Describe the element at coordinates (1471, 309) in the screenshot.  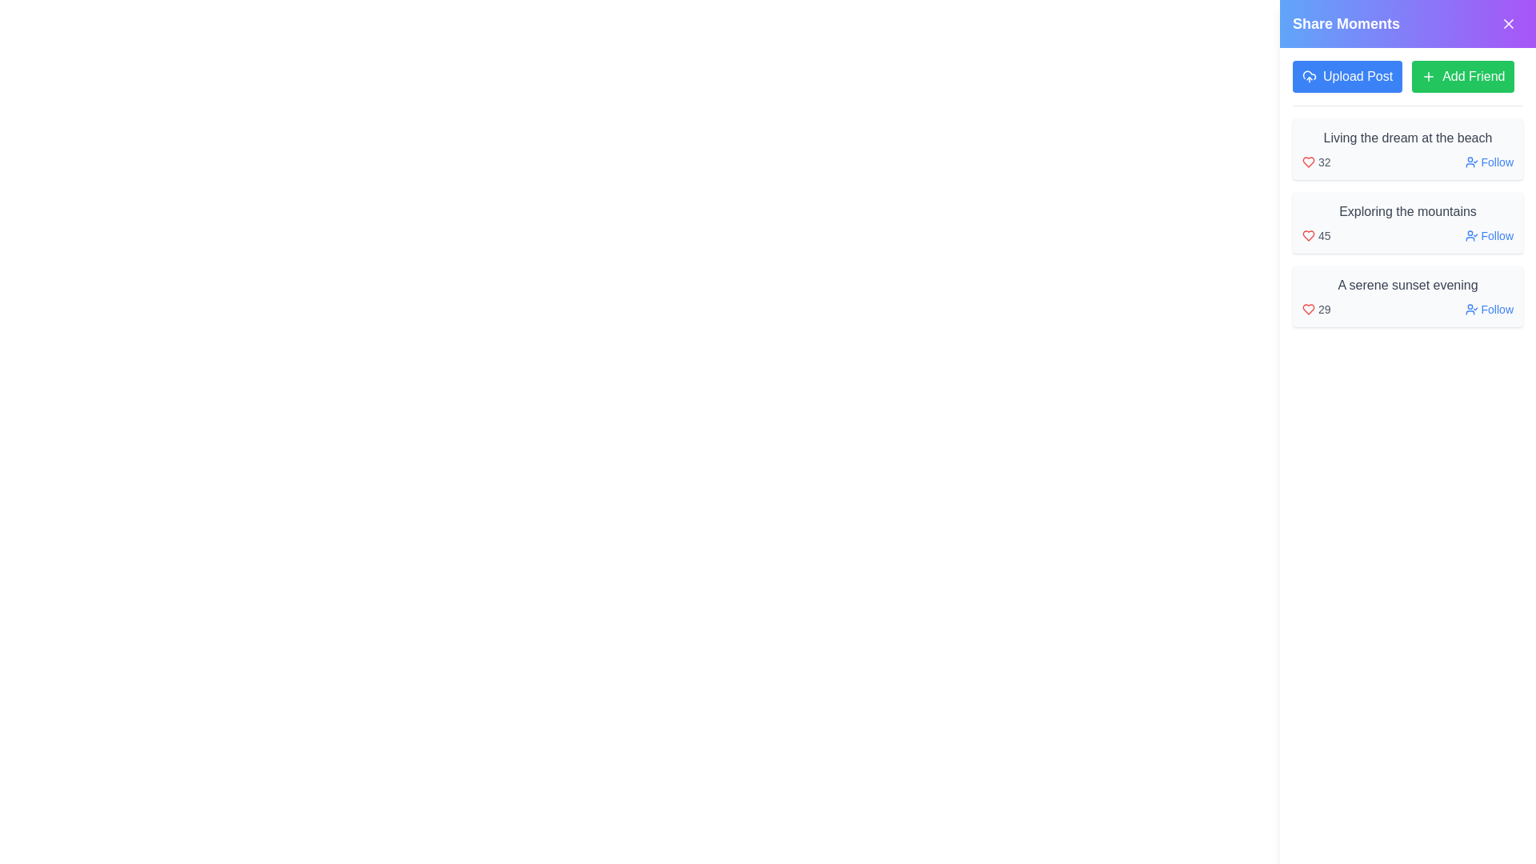
I see `the user with a checkmark icon located to the left of the 'Follow' text in the third 'Follow' button from the top in the sidebar's right section` at that location.